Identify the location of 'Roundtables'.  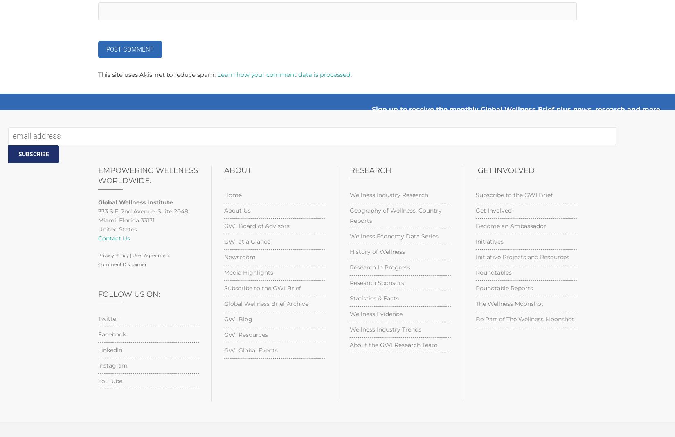
(493, 272).